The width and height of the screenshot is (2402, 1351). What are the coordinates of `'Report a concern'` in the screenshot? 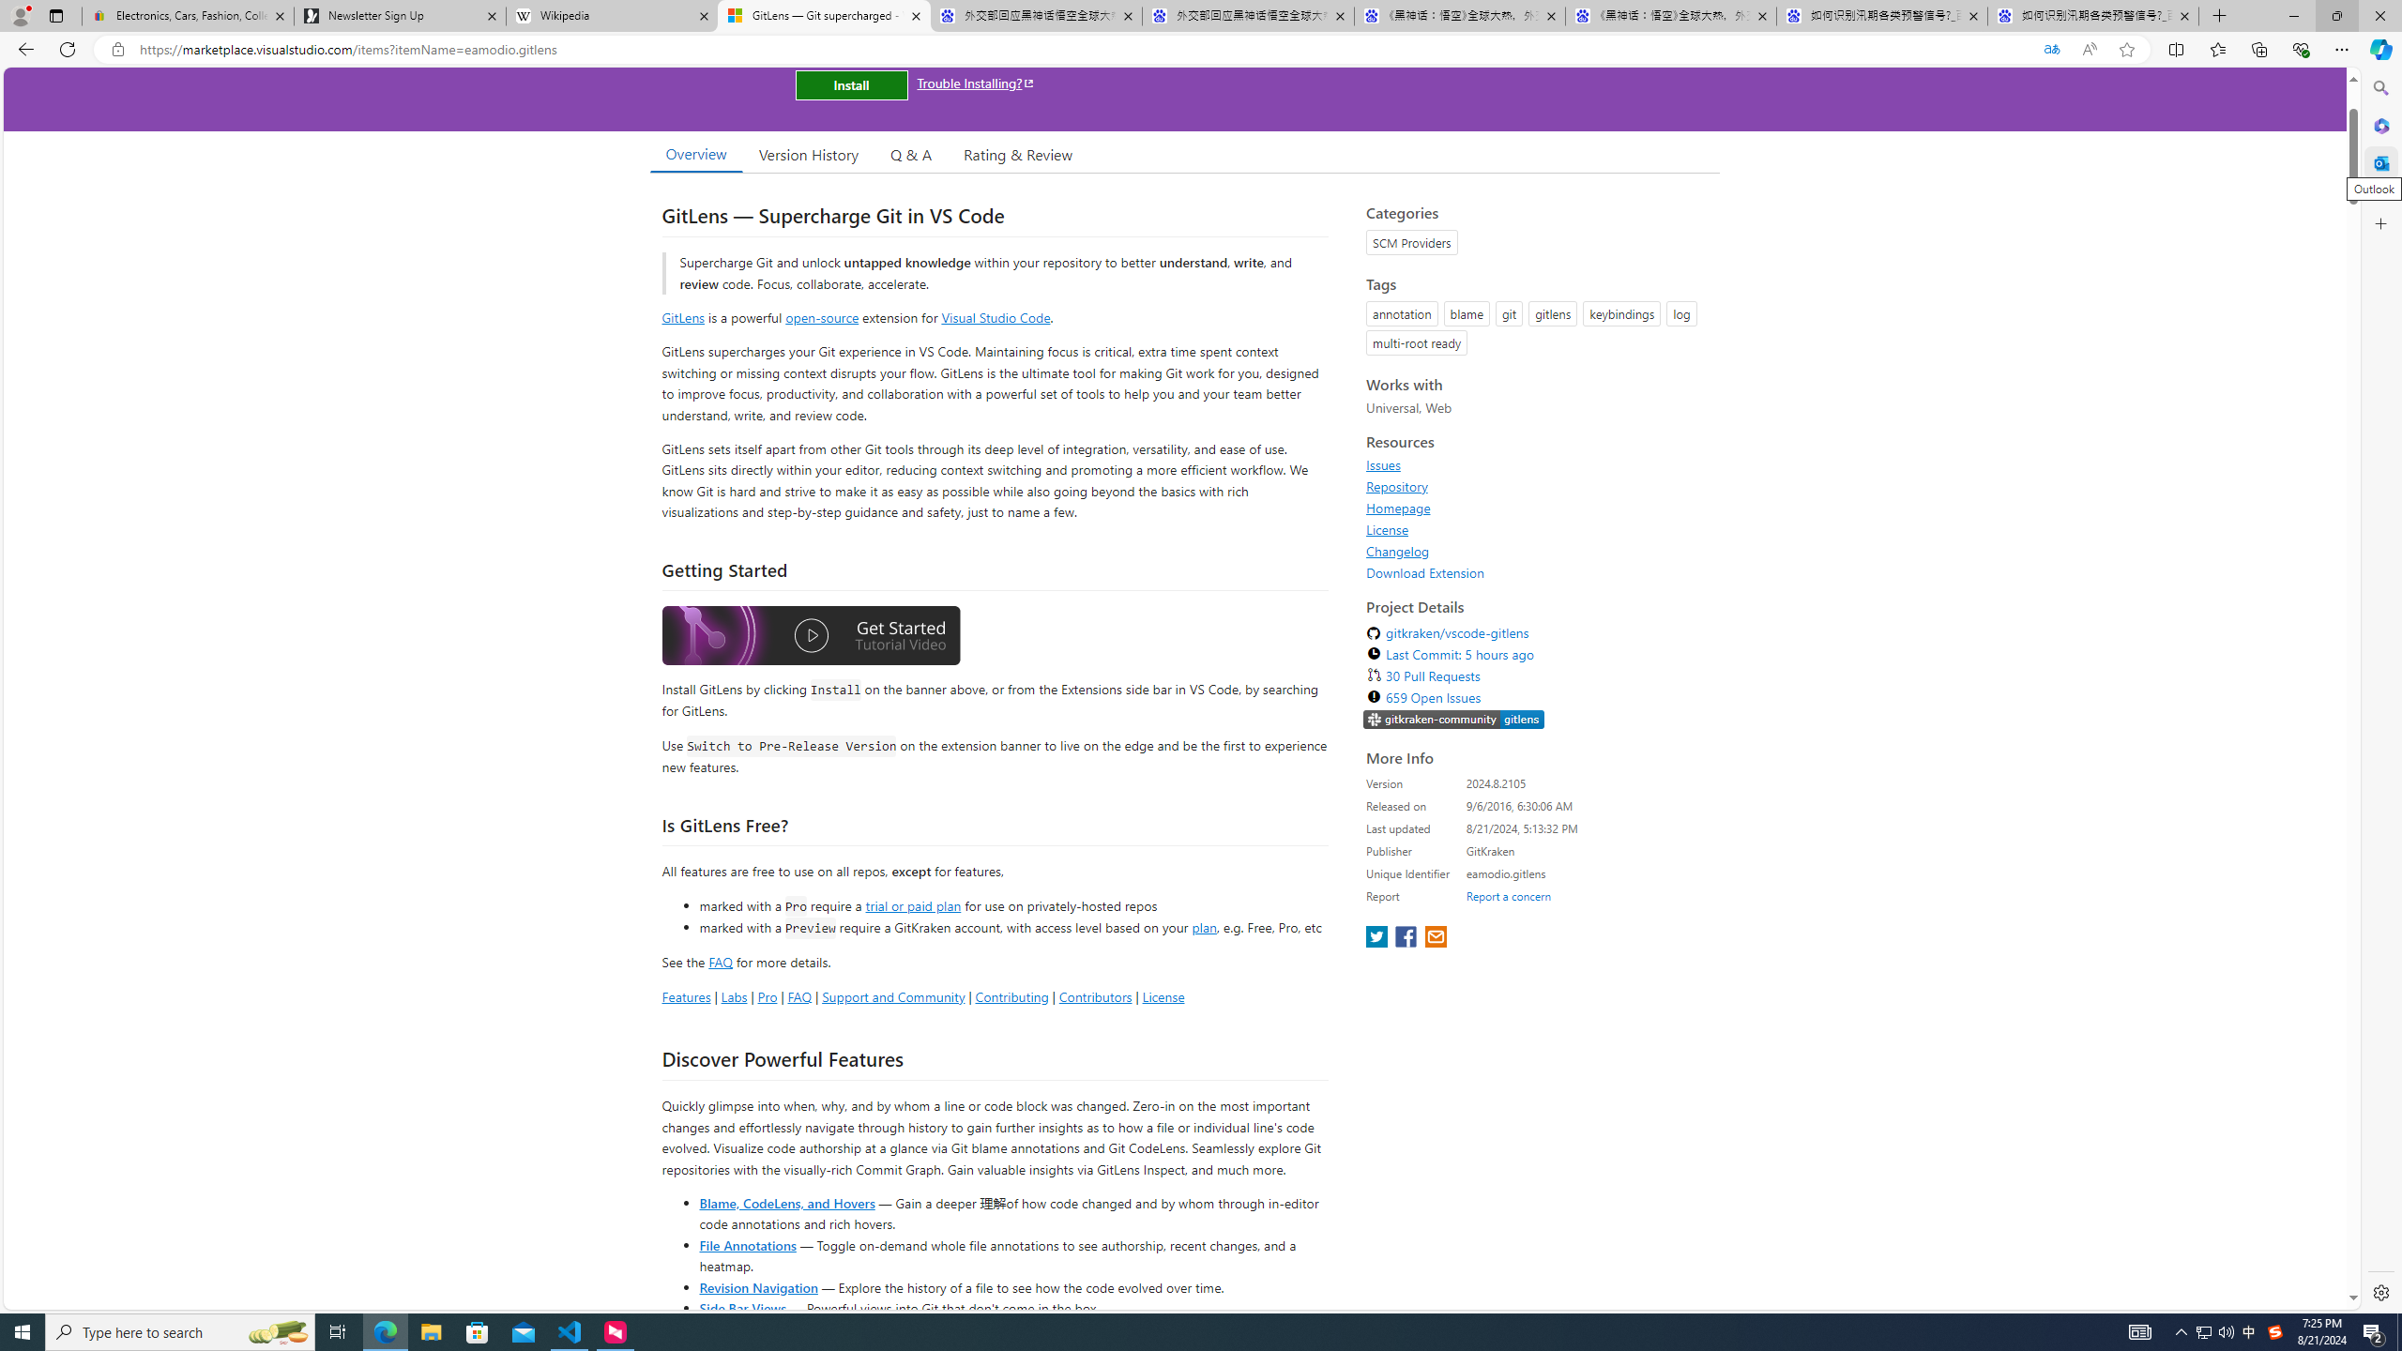 It's located at (1507, 895).